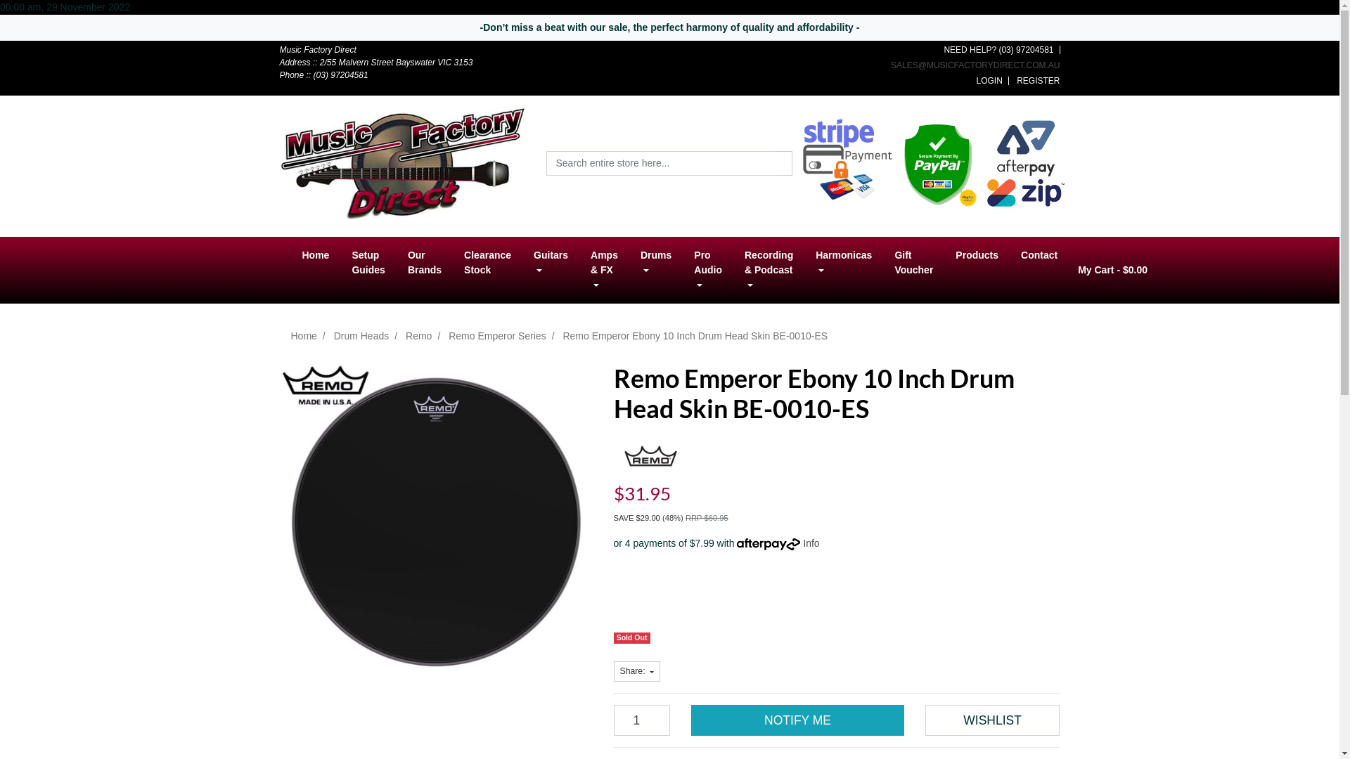 This screenshot has height=759, width=1350. Describe the element at coordinates (991, 720) in the screenshot. I see `'WISHLIST'` at that location.